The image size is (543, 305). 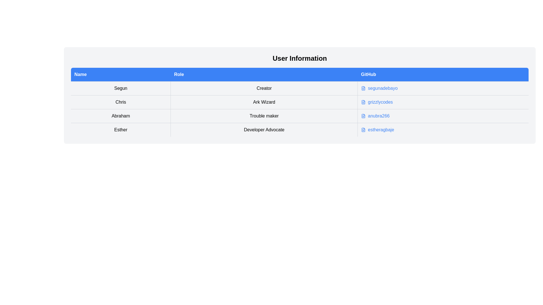 I want to click on the GitHub icon resembling a document with text, so click(x=363, y=102).